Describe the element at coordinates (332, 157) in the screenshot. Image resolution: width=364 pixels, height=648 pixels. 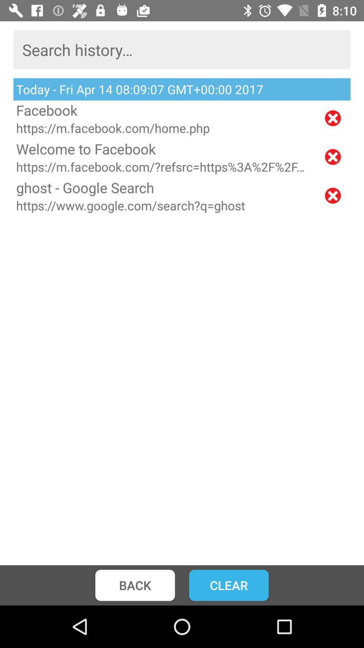
I see `history delete button` at that location.